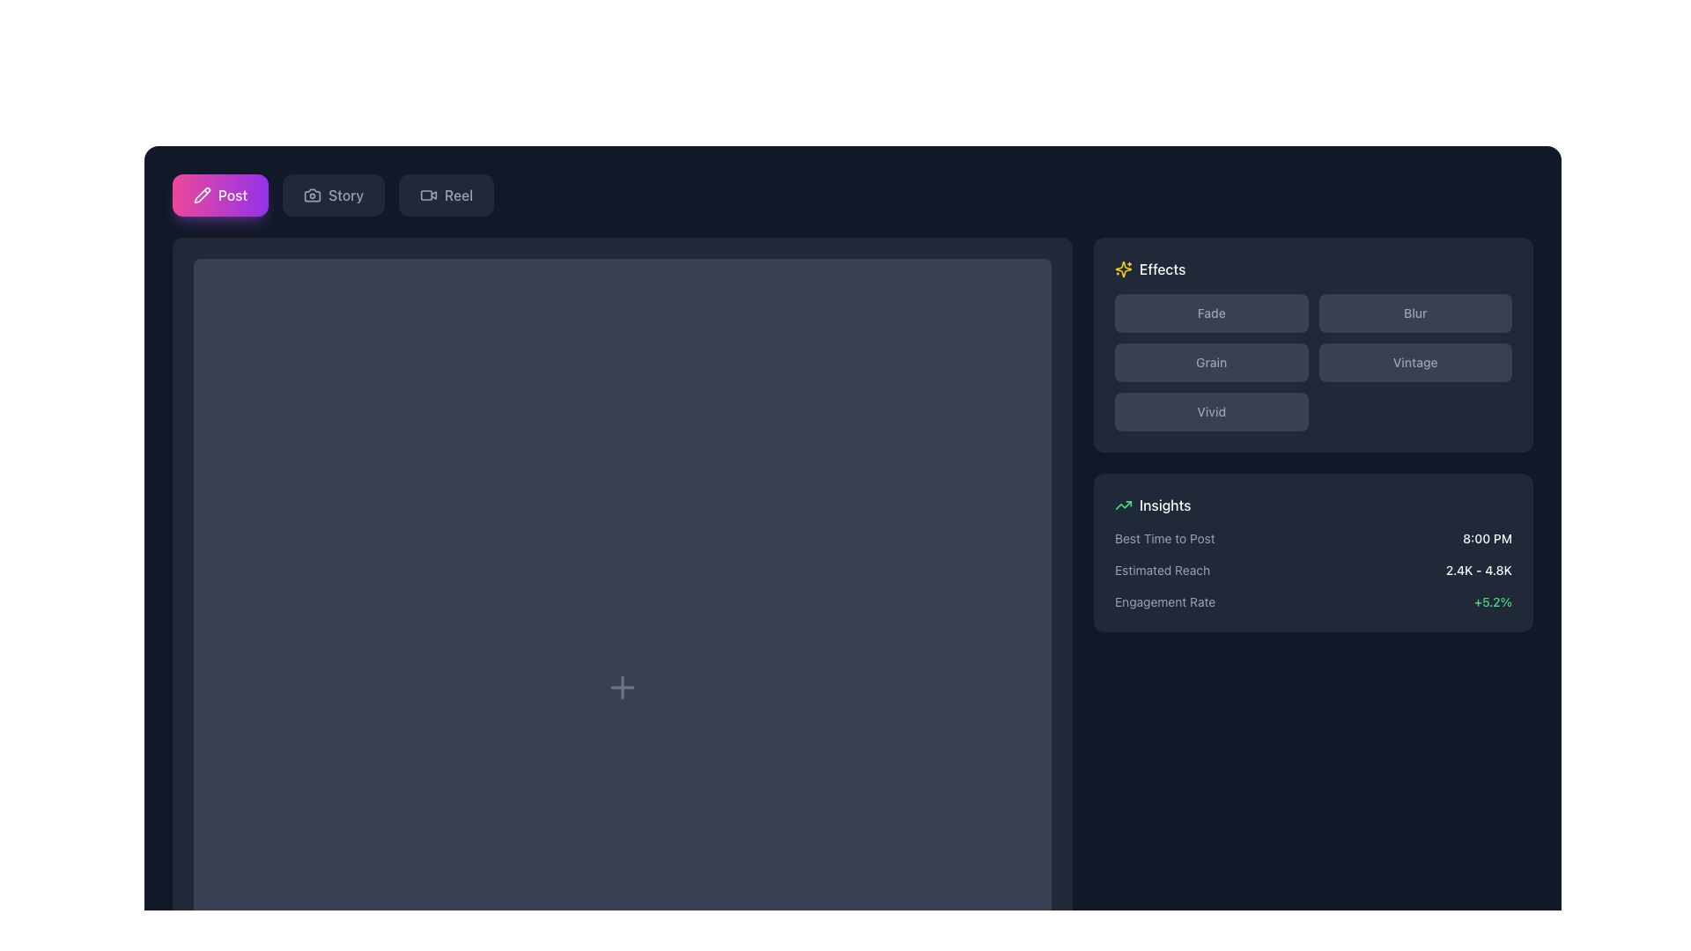 This screenshot has height=951, width=1691. Describe the element at coordinates (1313, 571) in the screenshot. I see `the informational panel located in the lower section of the 'Insights' box, positioned to the right of the interface, which displays data insights regarding optimal posting times, estimated reach, and engagement rates` at that location.